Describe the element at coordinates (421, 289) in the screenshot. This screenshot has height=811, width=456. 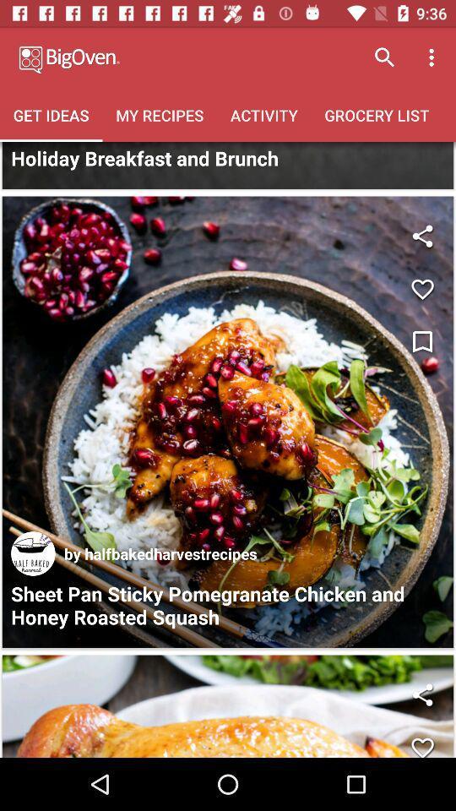
I see `like the page` at that location.